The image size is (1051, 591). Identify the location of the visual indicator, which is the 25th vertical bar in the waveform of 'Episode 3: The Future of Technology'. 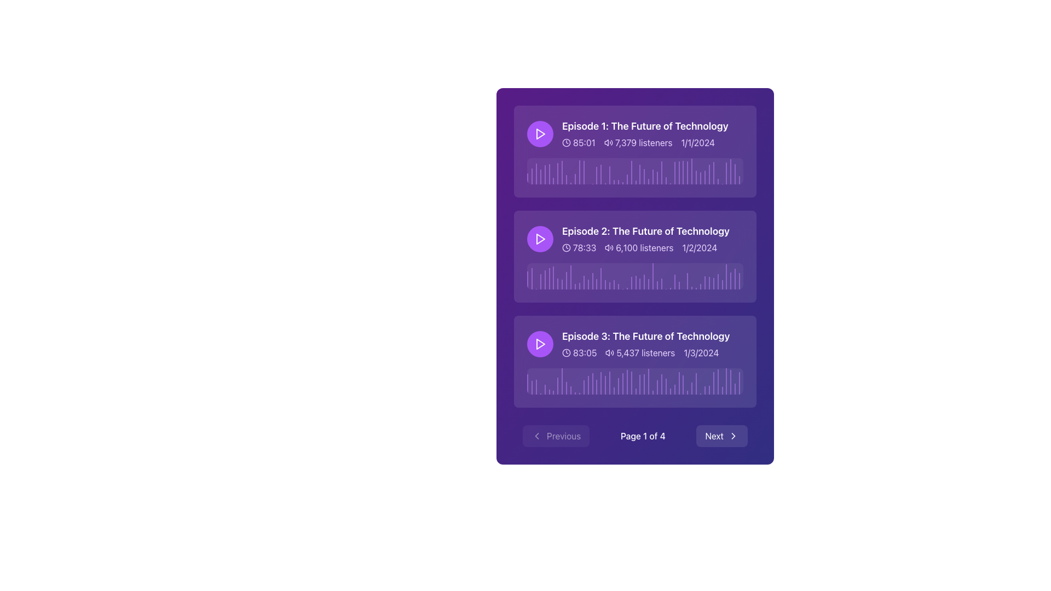
(631, 382).